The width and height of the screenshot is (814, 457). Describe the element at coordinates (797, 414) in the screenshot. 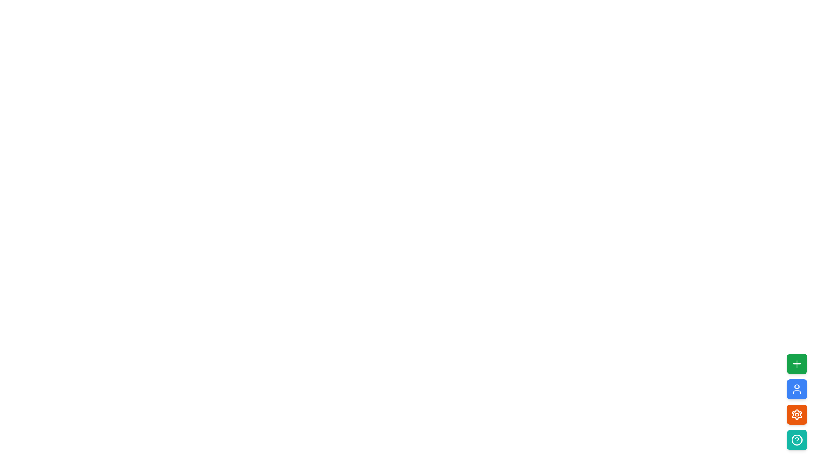

I see `the settings button, which is the third icon in a vertical stack on the right-hand side of the interface` at that location.